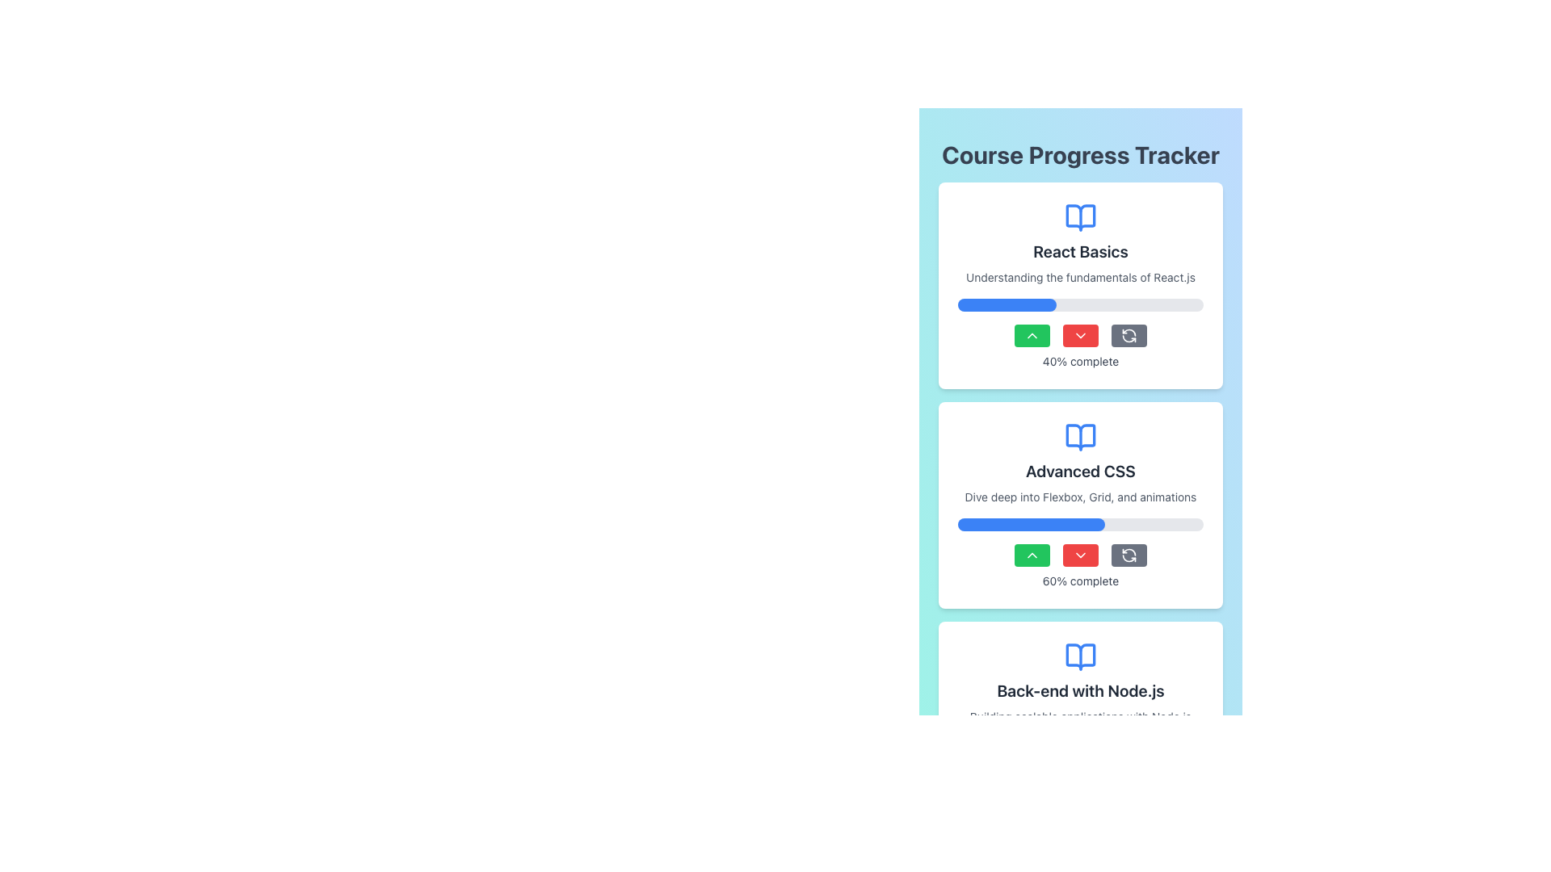 The image size is (1551, 872). What do you see at coordinates (1128, 335) in the screenshot?
I see `the gray refresh button with a white icon resembling two circular arrows at the rightmost side of the button group below the progress bar in the 'React Basics' course card` at bounding box center [1128, 335].